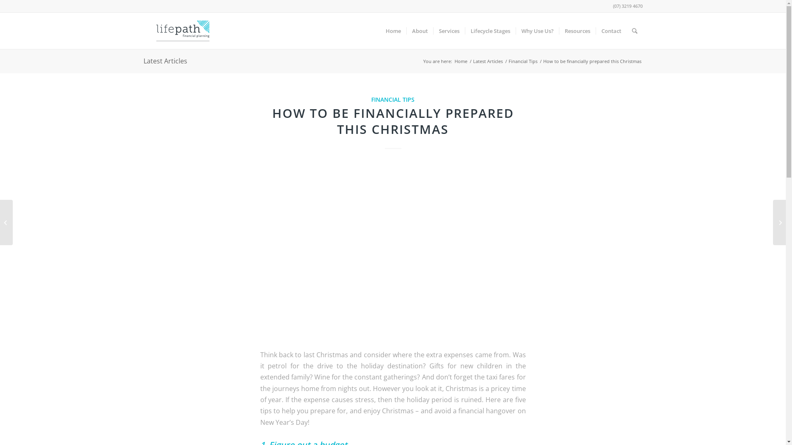 The image size is (792, 445). Describe the element at coordinates (419, 30) in the screenshot. I see `'About'` at that location.